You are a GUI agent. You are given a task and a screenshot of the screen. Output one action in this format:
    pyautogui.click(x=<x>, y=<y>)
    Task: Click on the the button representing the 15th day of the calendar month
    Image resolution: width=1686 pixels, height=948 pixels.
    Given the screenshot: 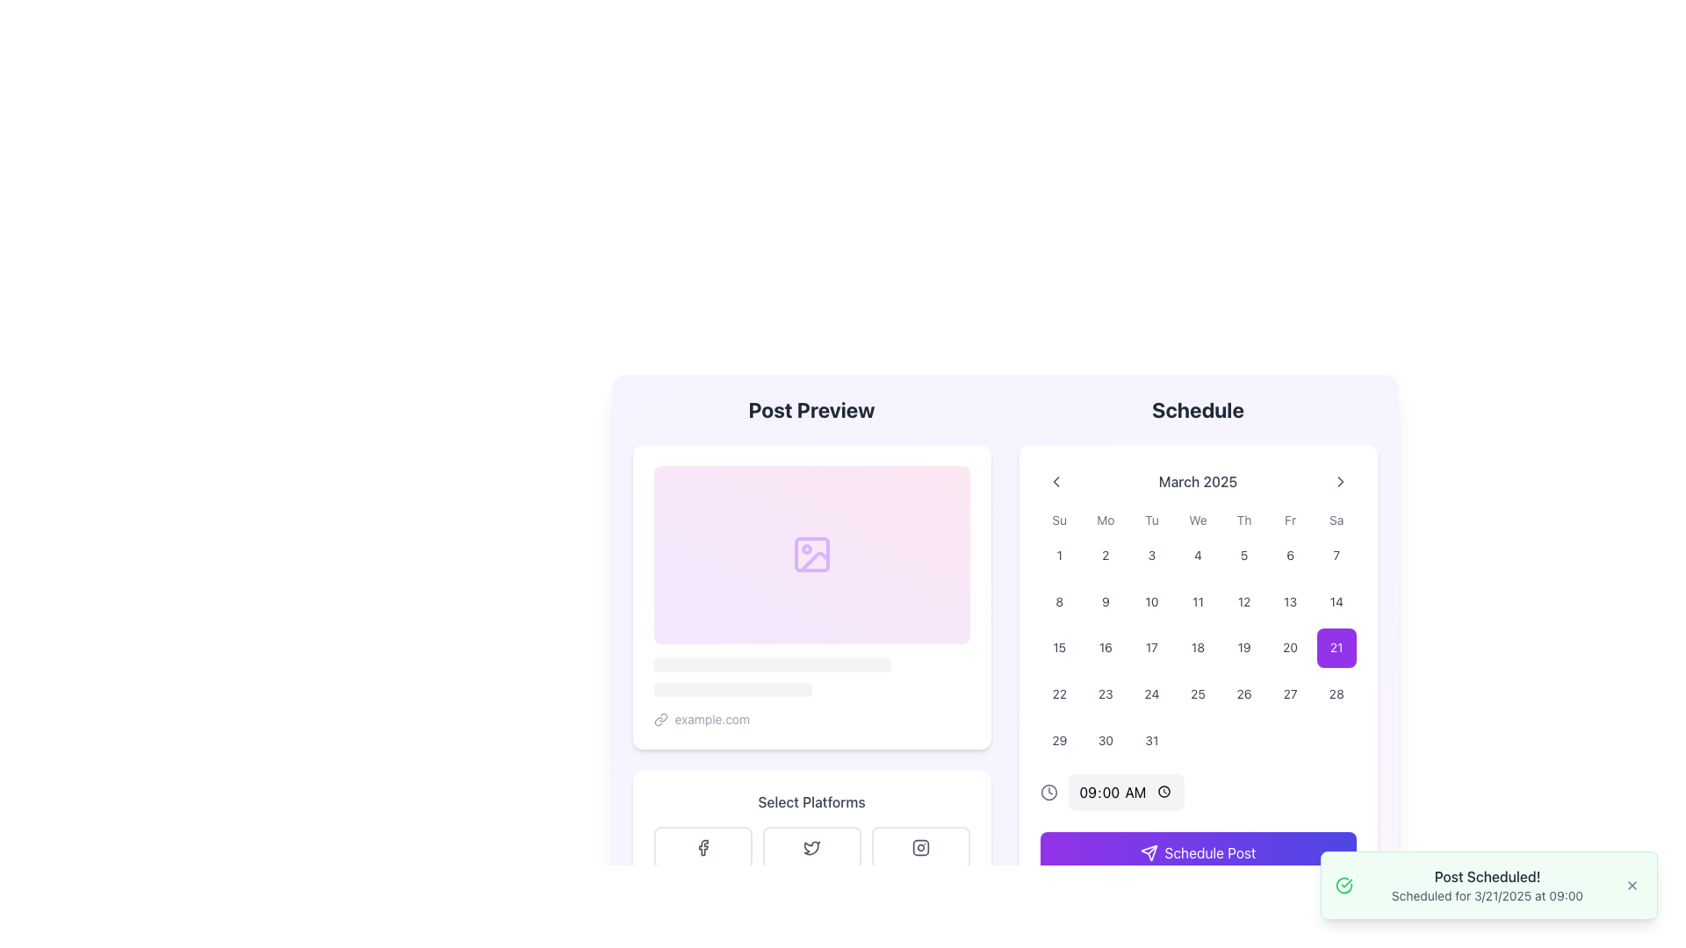 What is the action you would take?
    pyautogui.click(x=1058, y=648)
    